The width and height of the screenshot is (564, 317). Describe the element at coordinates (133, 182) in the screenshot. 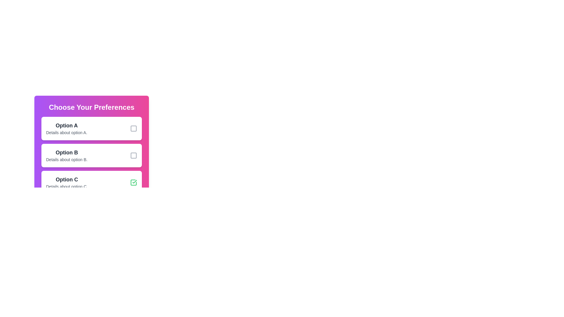

I see `the green checkbox icon located in the lower-right corner of the 'Option C' section` at that location.